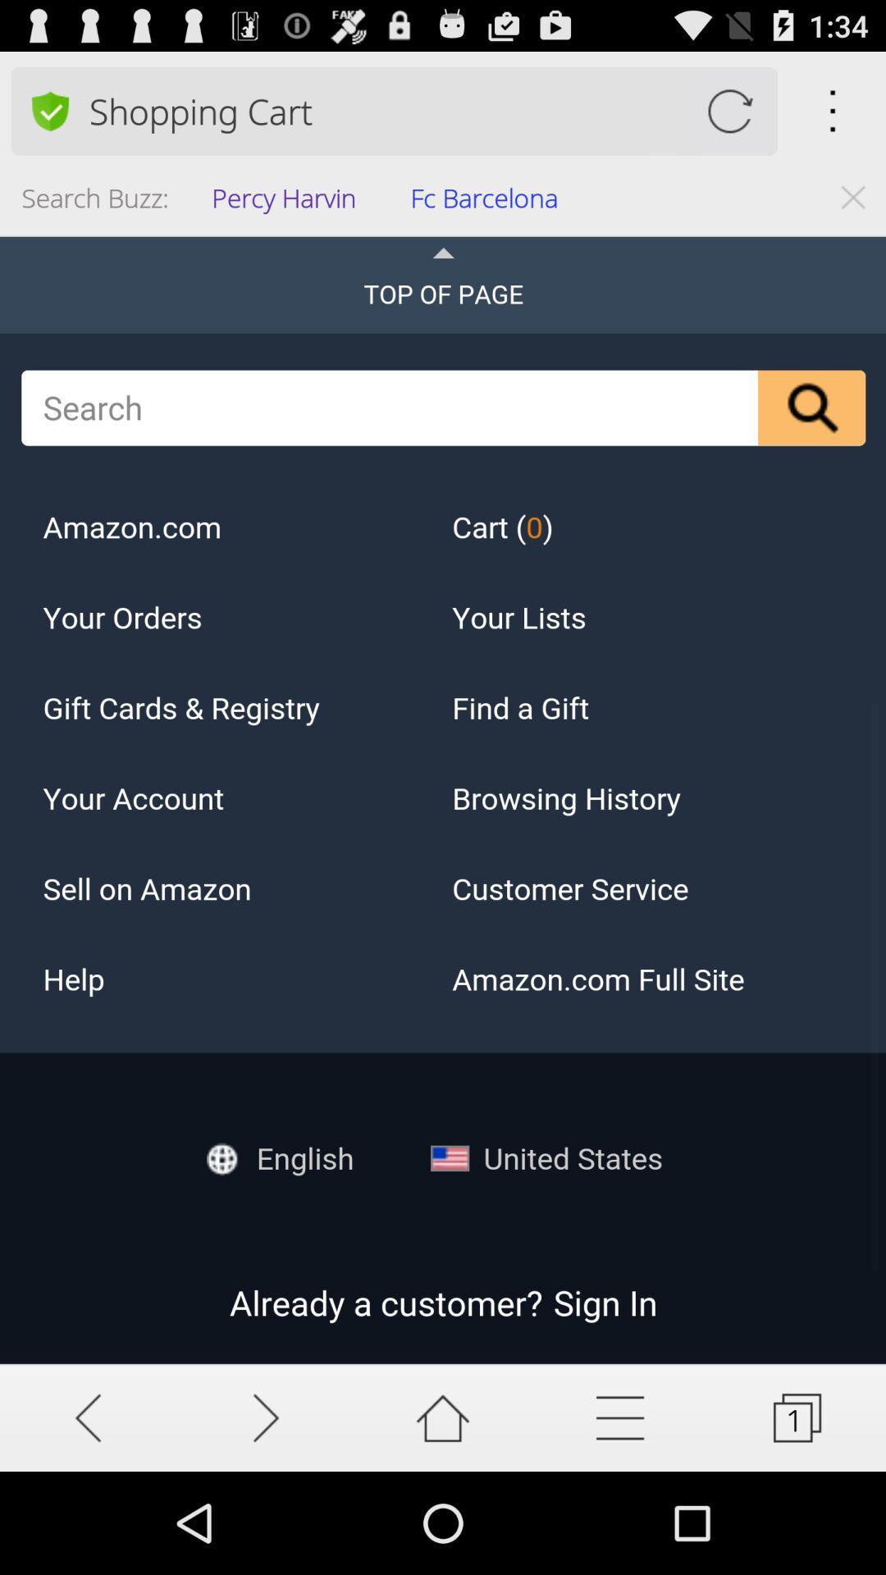  What do you see at coordinates (288, 202) in the screenshot?
I see `the icon next to fc barcelona` at bounding box center [288, 202].